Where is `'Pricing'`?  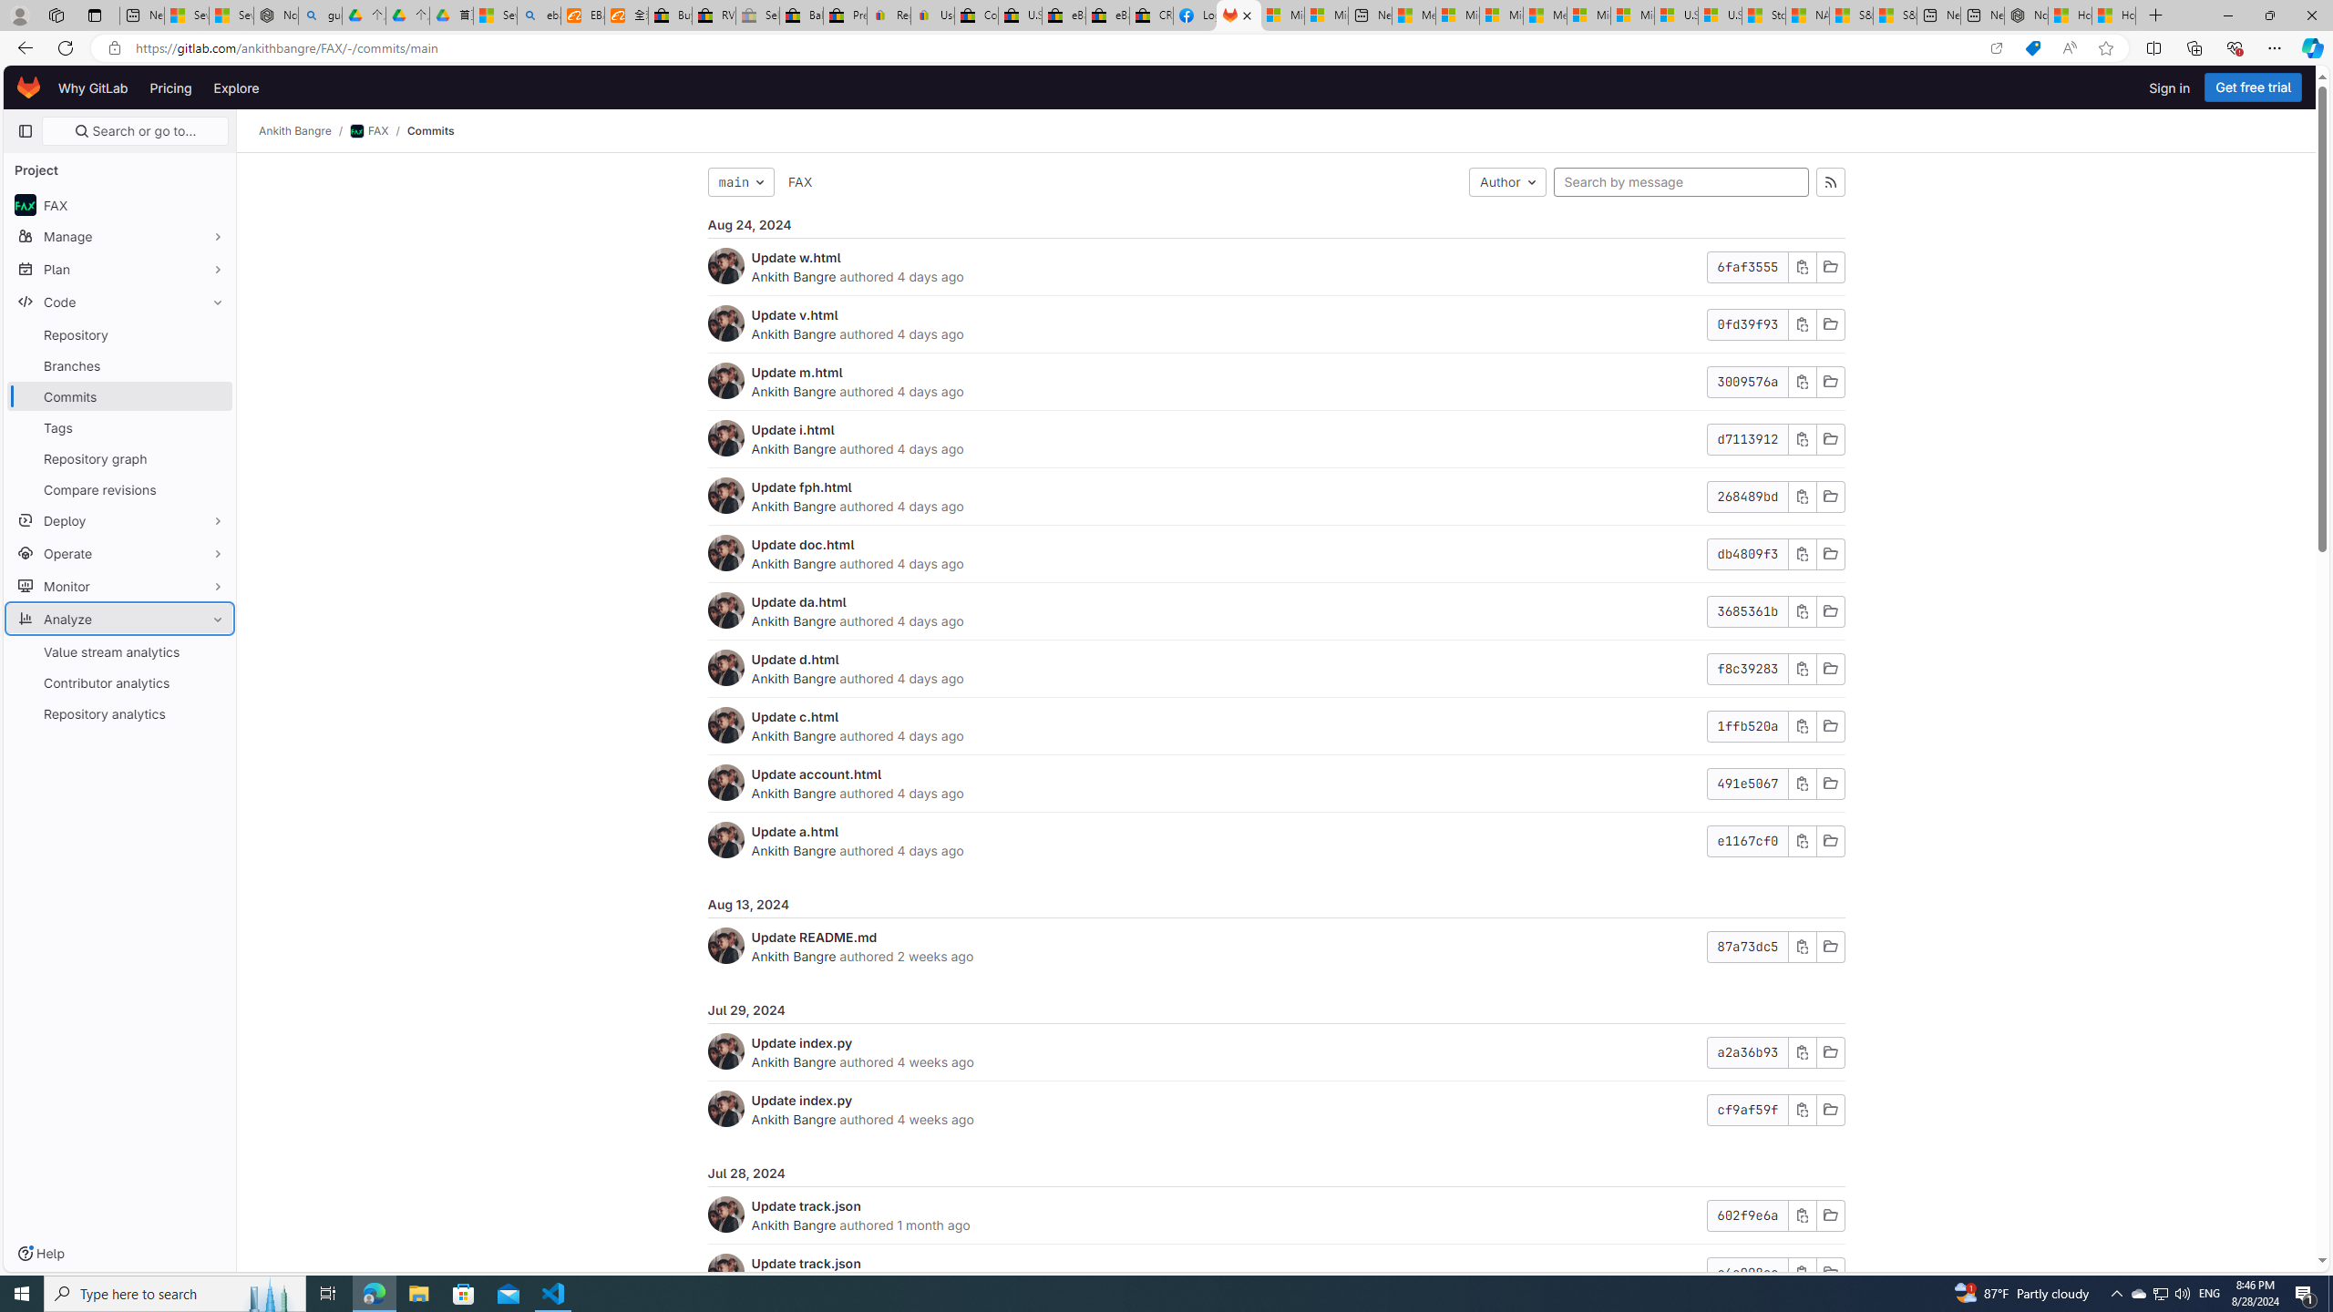
'Pricing' is located at coordinates (170, 87).